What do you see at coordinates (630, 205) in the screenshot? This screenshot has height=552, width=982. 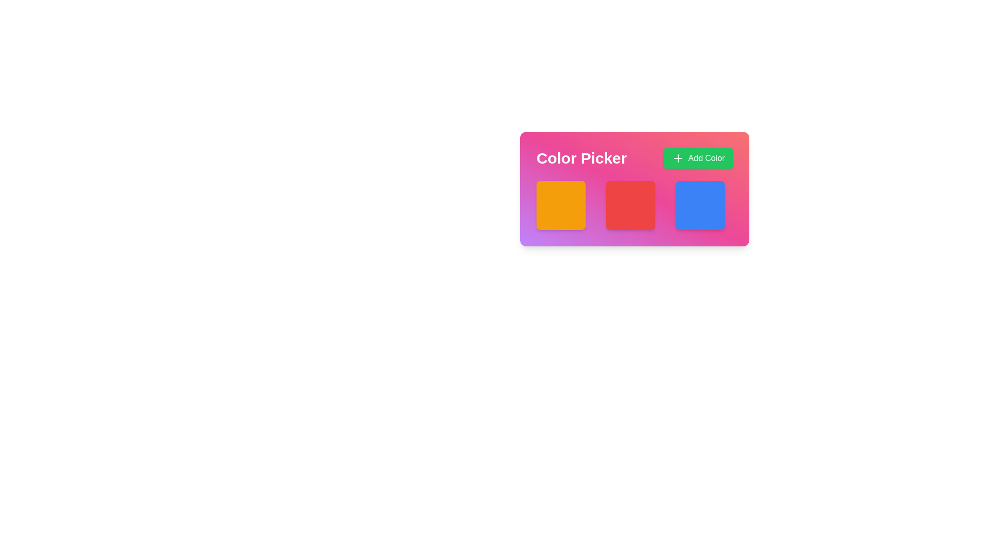 I see `the second interactive colored block representing the red color selection option in the color picker interface to visualize hover effects` at bounding box center [630, 205].